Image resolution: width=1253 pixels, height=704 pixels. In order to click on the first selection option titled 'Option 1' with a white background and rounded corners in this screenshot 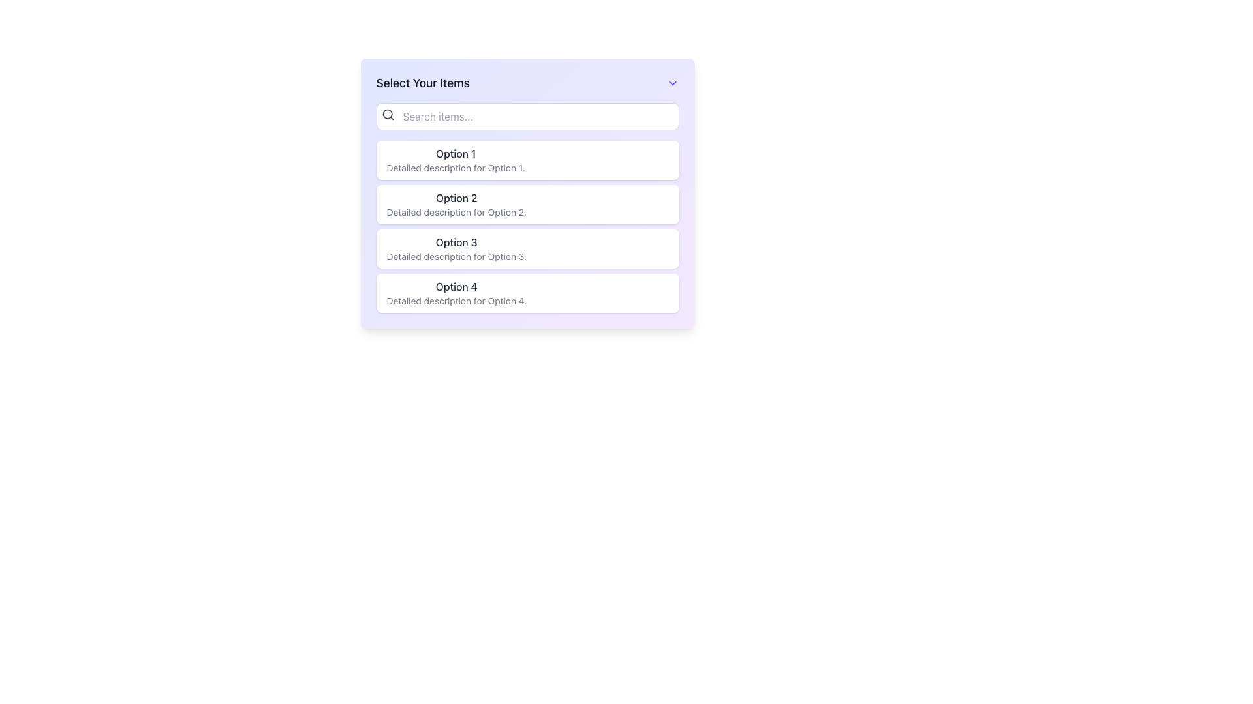, I will do `click(527, 160)`.